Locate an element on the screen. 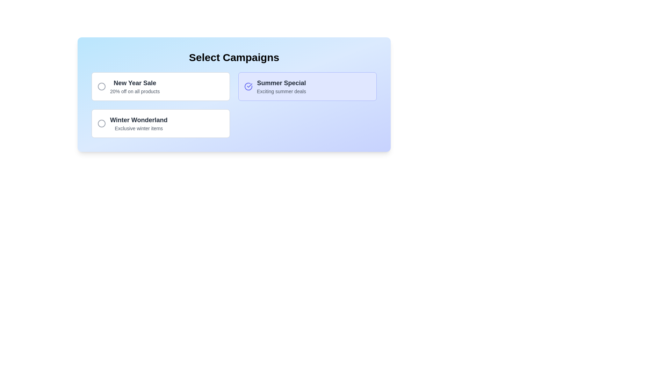 Image resolution: width=671 pixels, height=377 pixels. text content of the 'Winter Wonderland' campaign option displayed in the text display section located in the 'Select Campaigns' area is located at coordinates (139, 123).